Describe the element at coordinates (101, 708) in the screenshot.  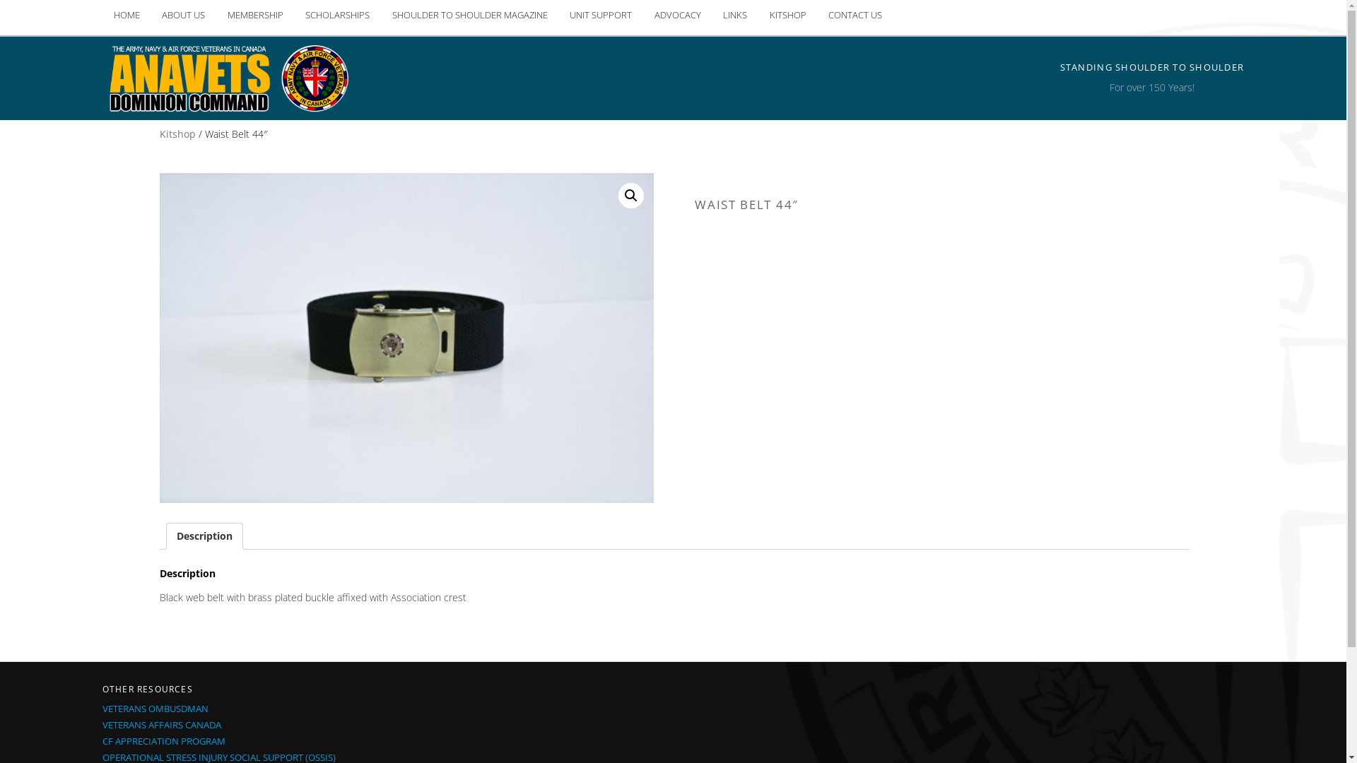
I see `'VETERANS OMBUSDMAN'` at that location.